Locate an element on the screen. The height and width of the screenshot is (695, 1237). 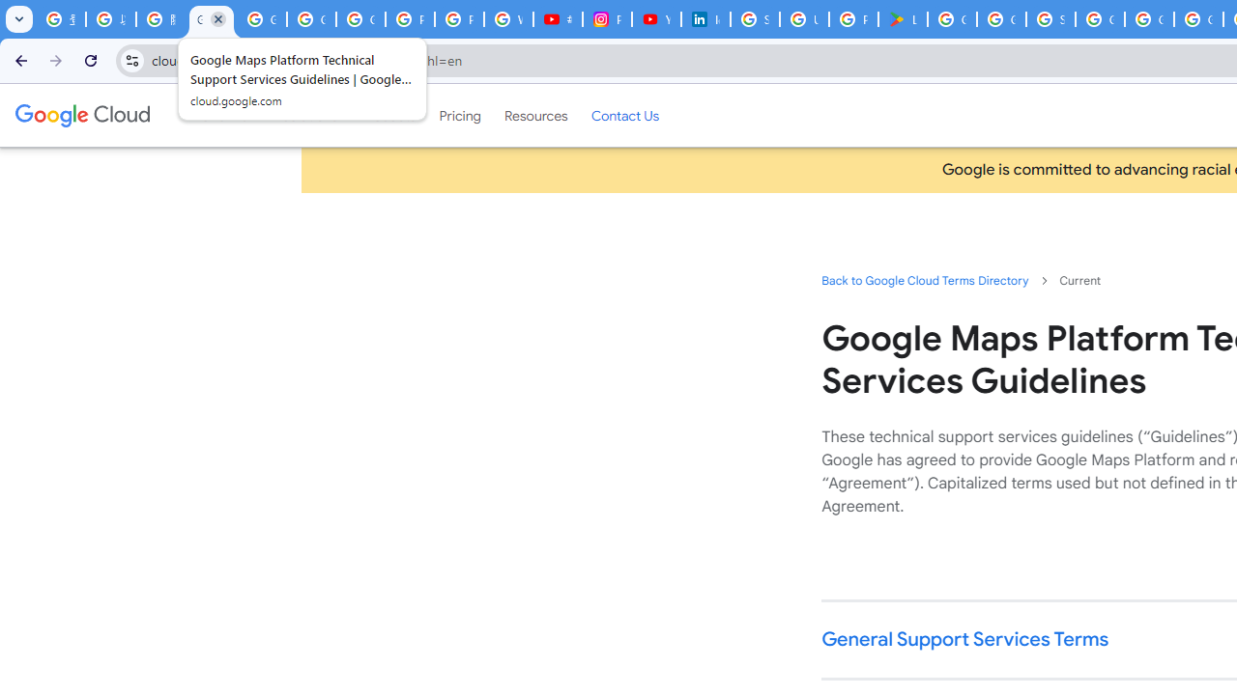
'Resources' is located at coordinates (535, 115).